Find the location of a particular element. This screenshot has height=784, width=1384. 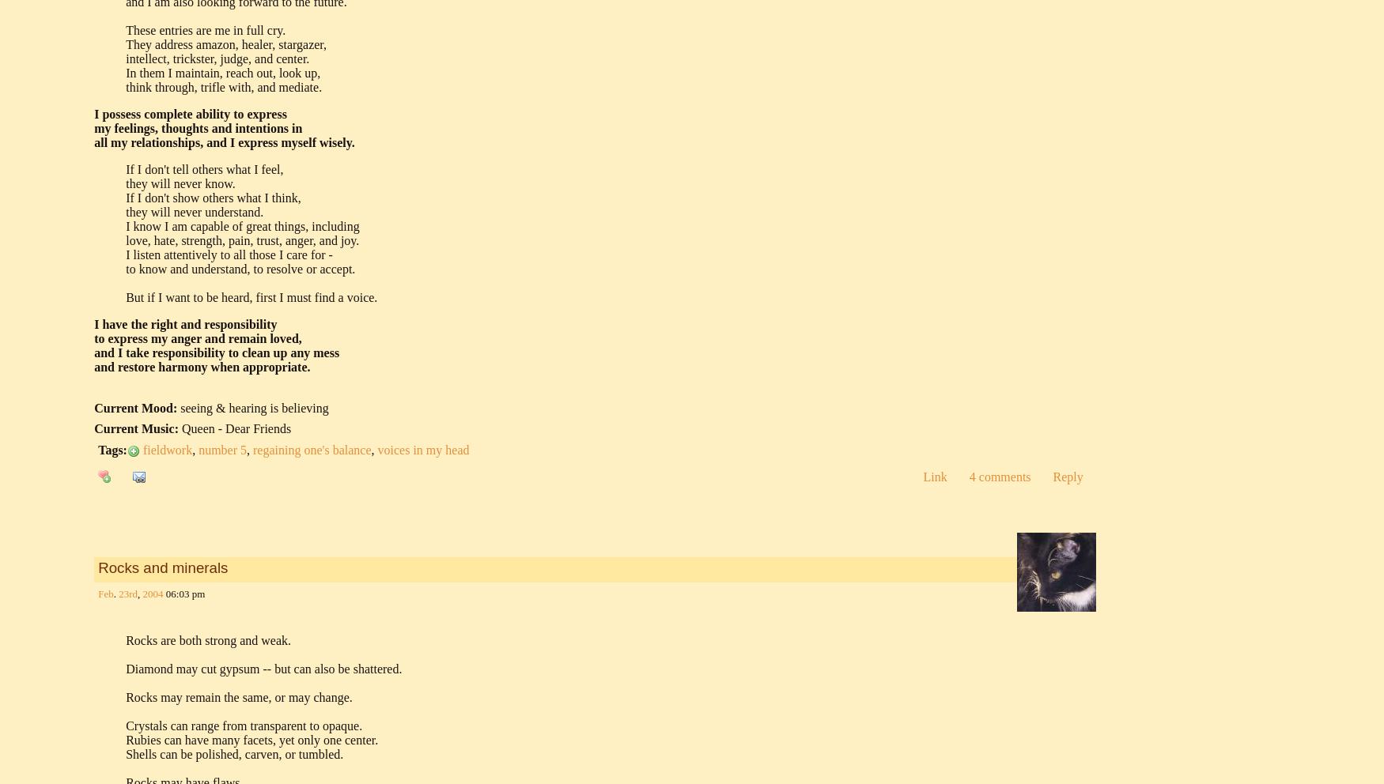

'to express my anger and remain loved,' is located at coordinates (198, 337).